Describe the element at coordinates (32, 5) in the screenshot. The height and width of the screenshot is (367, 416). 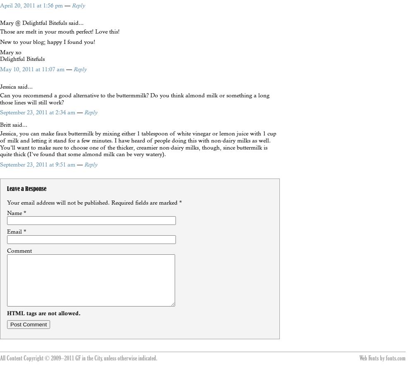
I see `'April 20, 2011 at 1:56 pm'` at that location.